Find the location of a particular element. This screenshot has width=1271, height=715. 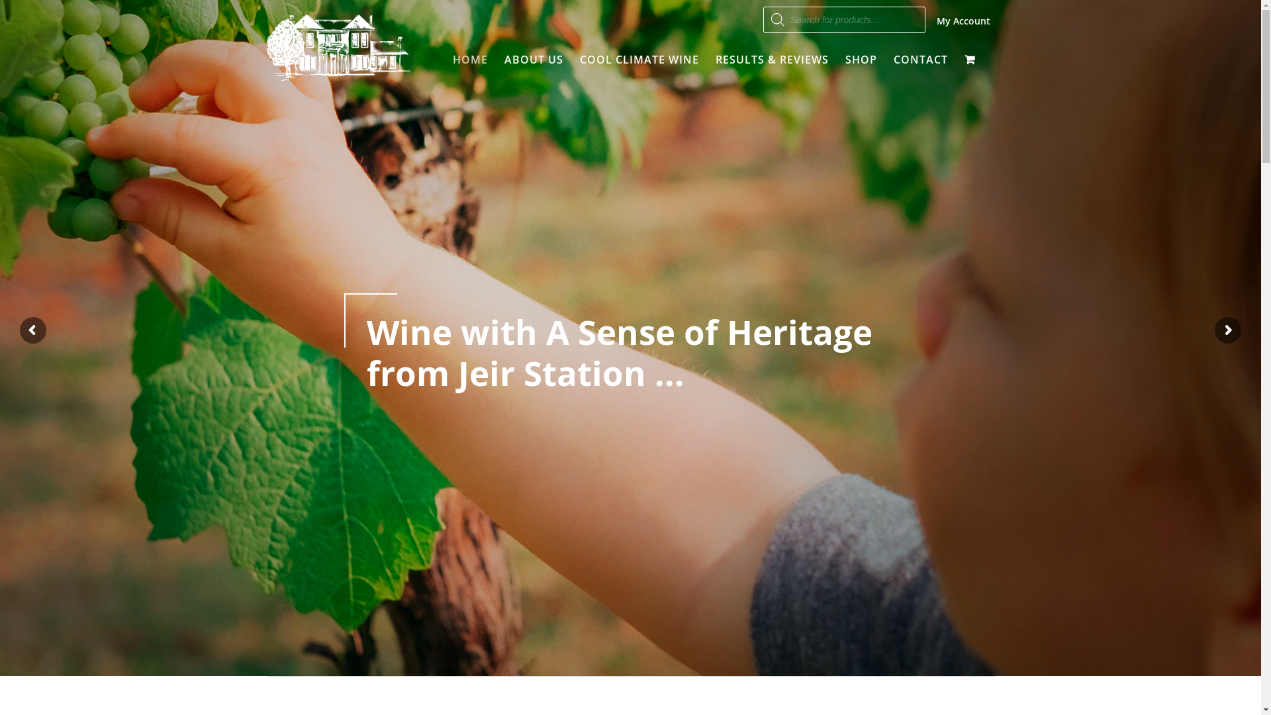

'My Account' is located at coordinates (936, 21).